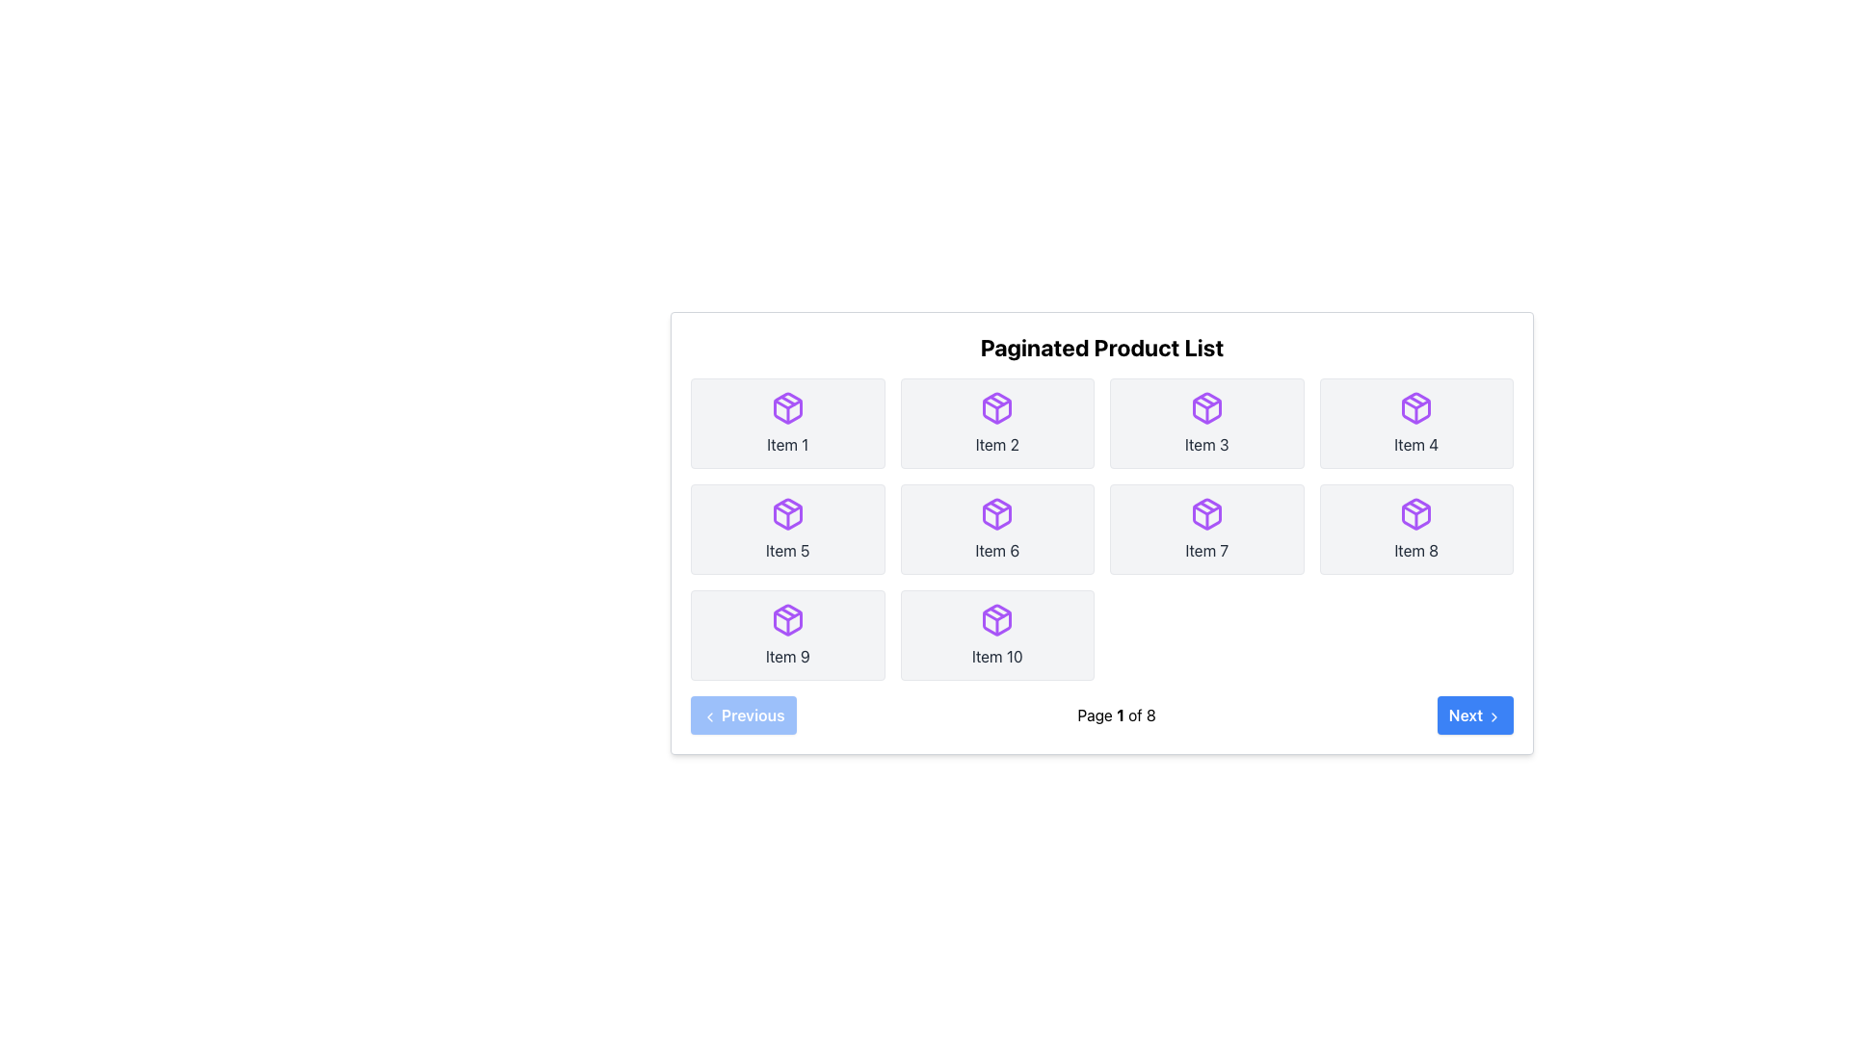 Image resolution: width=1850 pixels, height=1040 pixels. What do you see at coordinates (787, 407) in the screenshot?
I see `the decorative icon representing 'Item 1' located in the first row and first column of the 'Paginated Product List'` at bounding box center [787, 407].